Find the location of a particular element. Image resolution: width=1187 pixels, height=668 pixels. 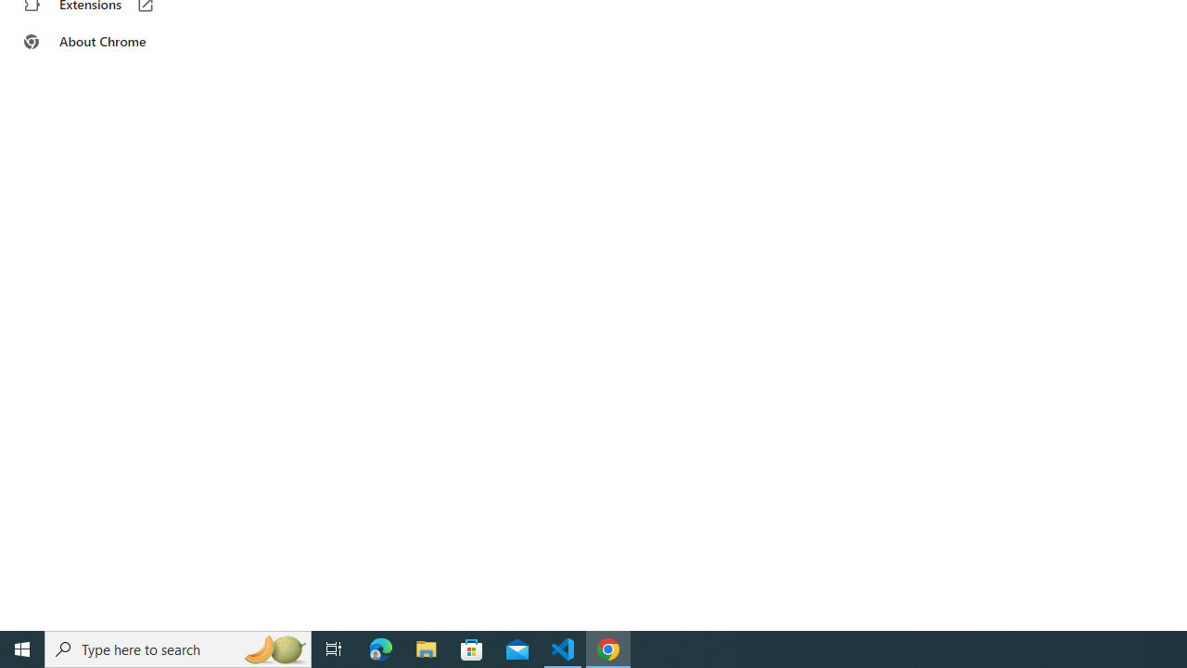

'Microsoft Edge' is located at coordinates (380, 648).